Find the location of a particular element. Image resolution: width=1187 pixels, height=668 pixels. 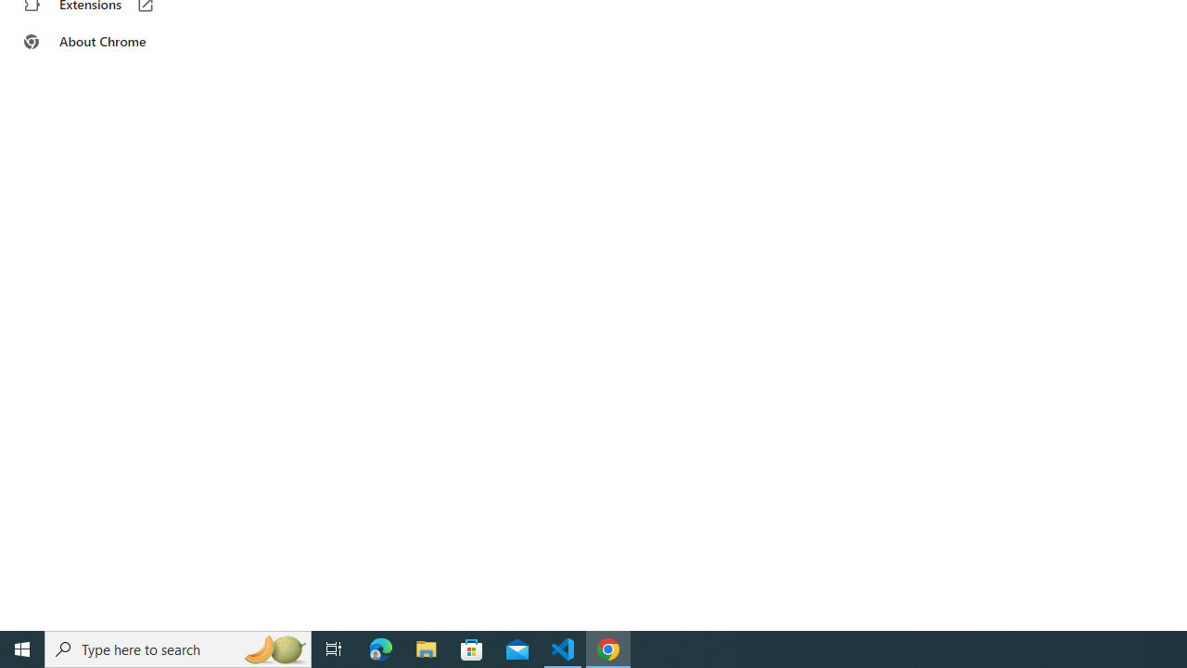

'Microsoft Edge' is located at coordinates (380, 648).